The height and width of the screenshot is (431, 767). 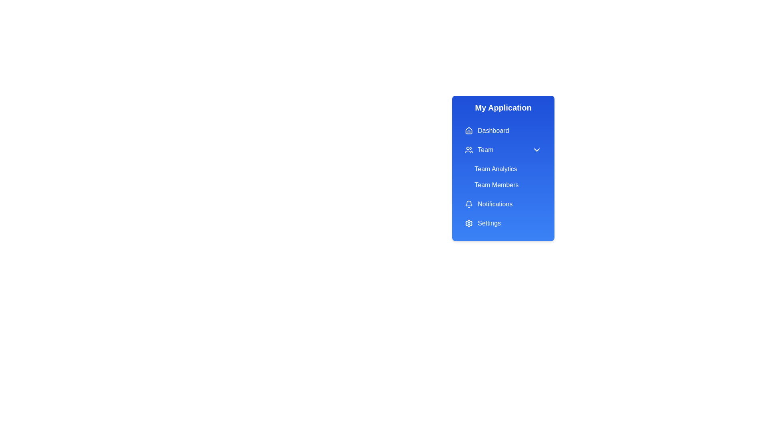 What do you see at coordinates (503, 223) in the screenshot?
I see `the interactive menu item located directly below the 'Notifications' option in the sidebar` at bounding box center [503, 223].